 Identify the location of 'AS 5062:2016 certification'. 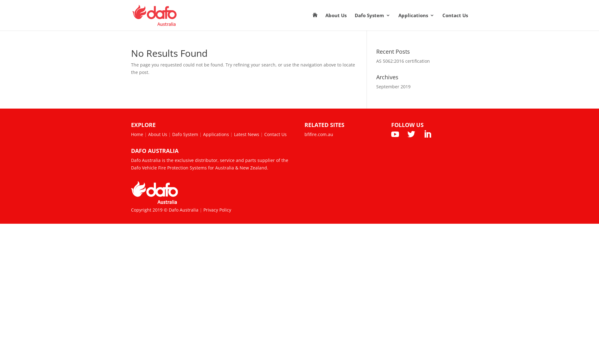
(403, 61).